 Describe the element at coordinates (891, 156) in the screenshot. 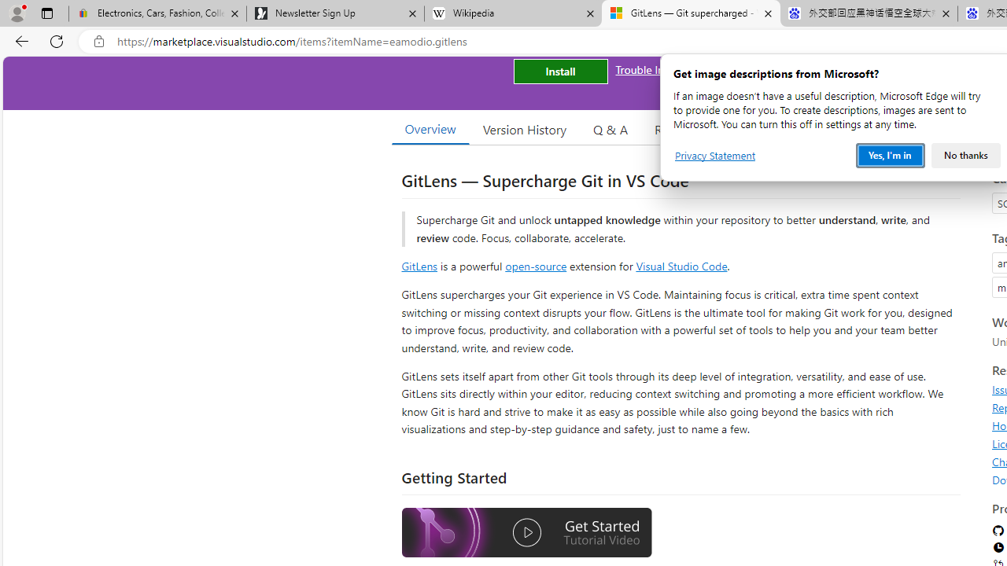

I see `'Yes, I'` at that location.